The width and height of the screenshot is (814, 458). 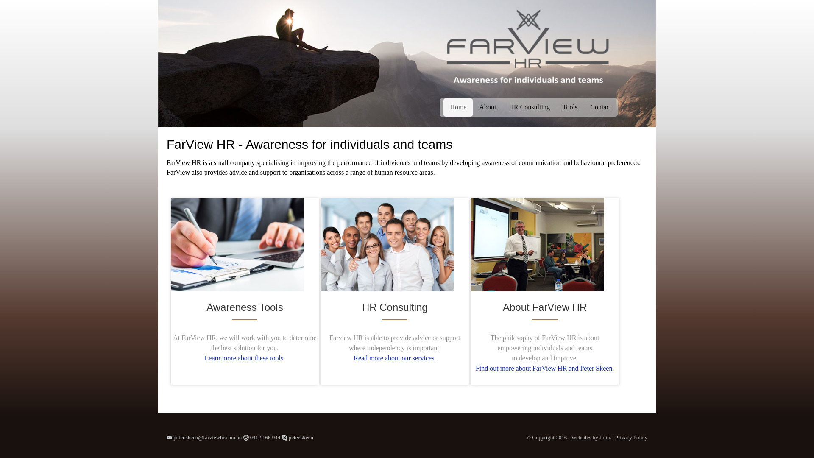 What do you see at coordinates (244, 358) in the screenshot?
I see `'Learn more about these tools'` at bounding box center [244, 358].